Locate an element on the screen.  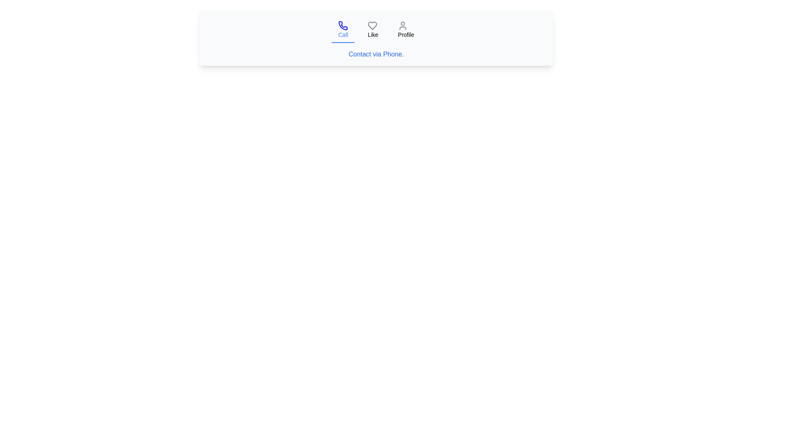
the 'Like' button, which is the second item in the navigation bar is located at coordinates (373, 29).